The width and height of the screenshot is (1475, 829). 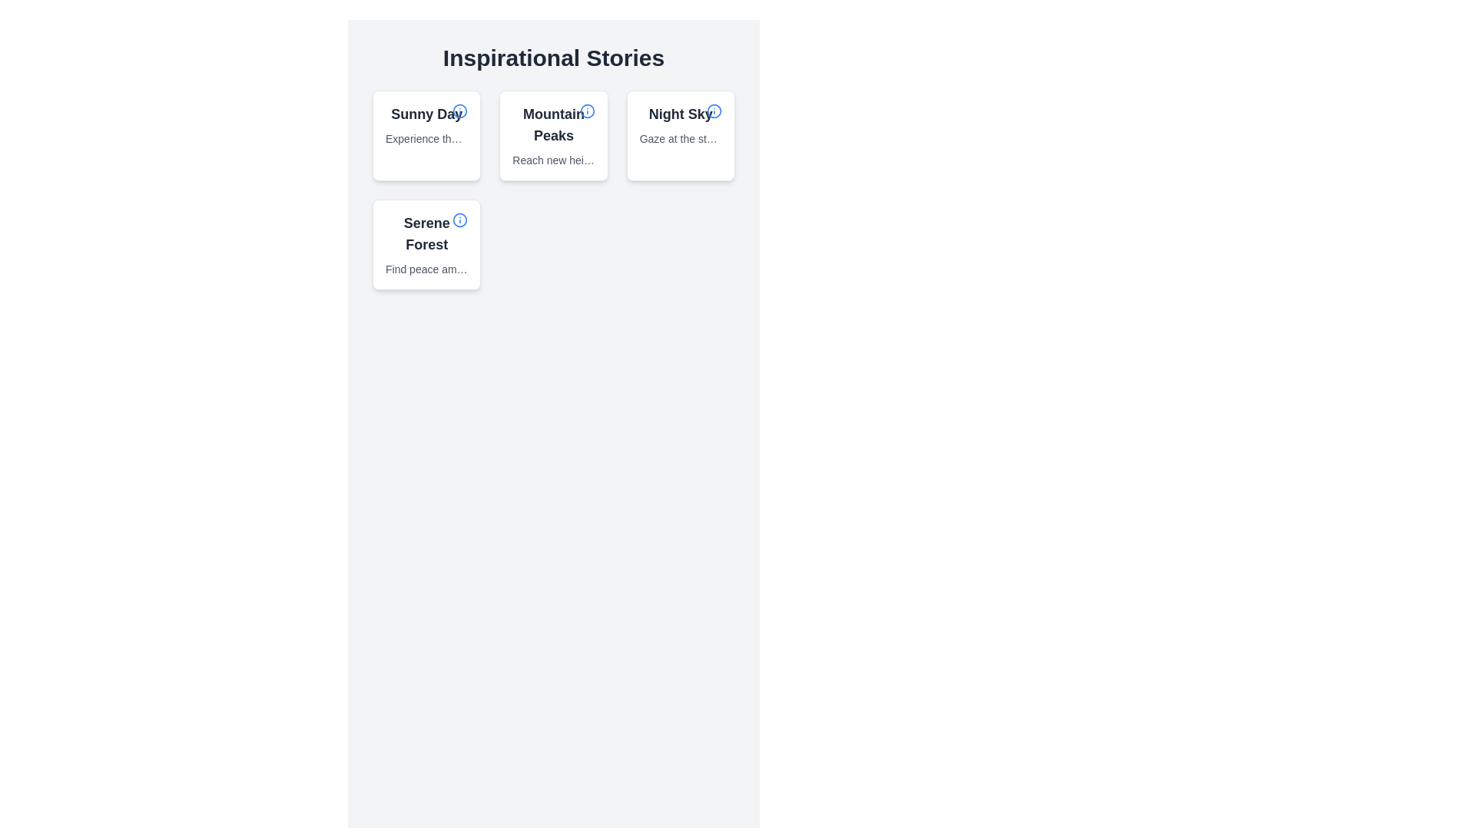 I want to click on the blue outlined circular info icon located within the 'Mountain Peaks' card, so click(x=586, y=111).